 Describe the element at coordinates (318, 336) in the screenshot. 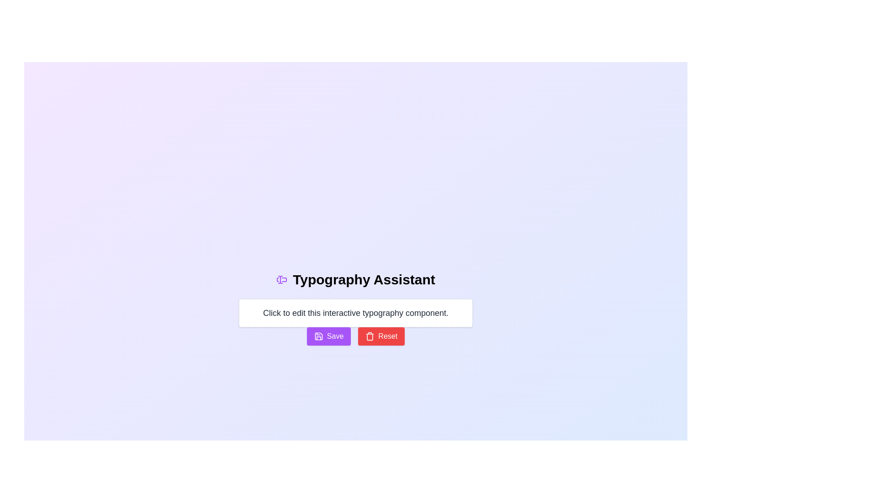

I see `the save icon located within the 'Save' button, which is positioned beneath the text input field` at that location.